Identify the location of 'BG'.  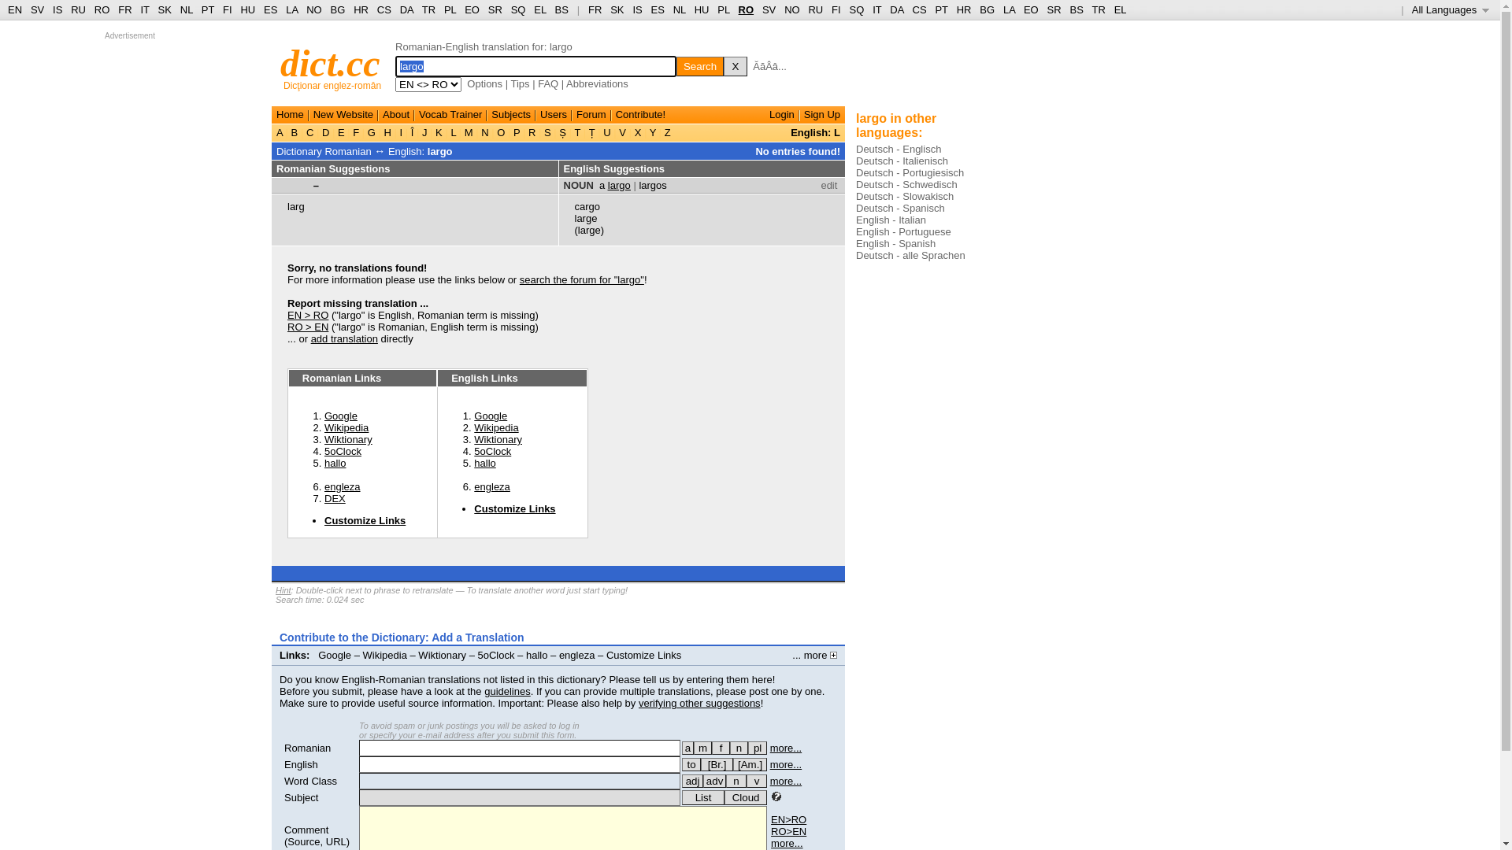
(337, 9).